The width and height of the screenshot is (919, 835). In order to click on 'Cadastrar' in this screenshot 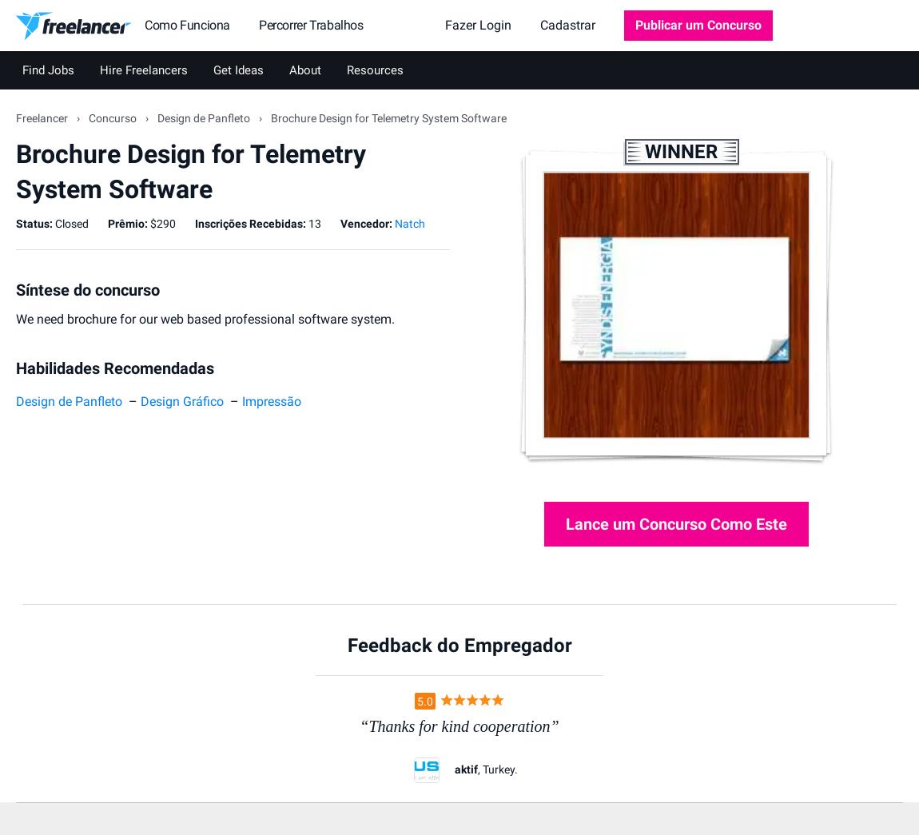, I will do `click(567, 24)`.